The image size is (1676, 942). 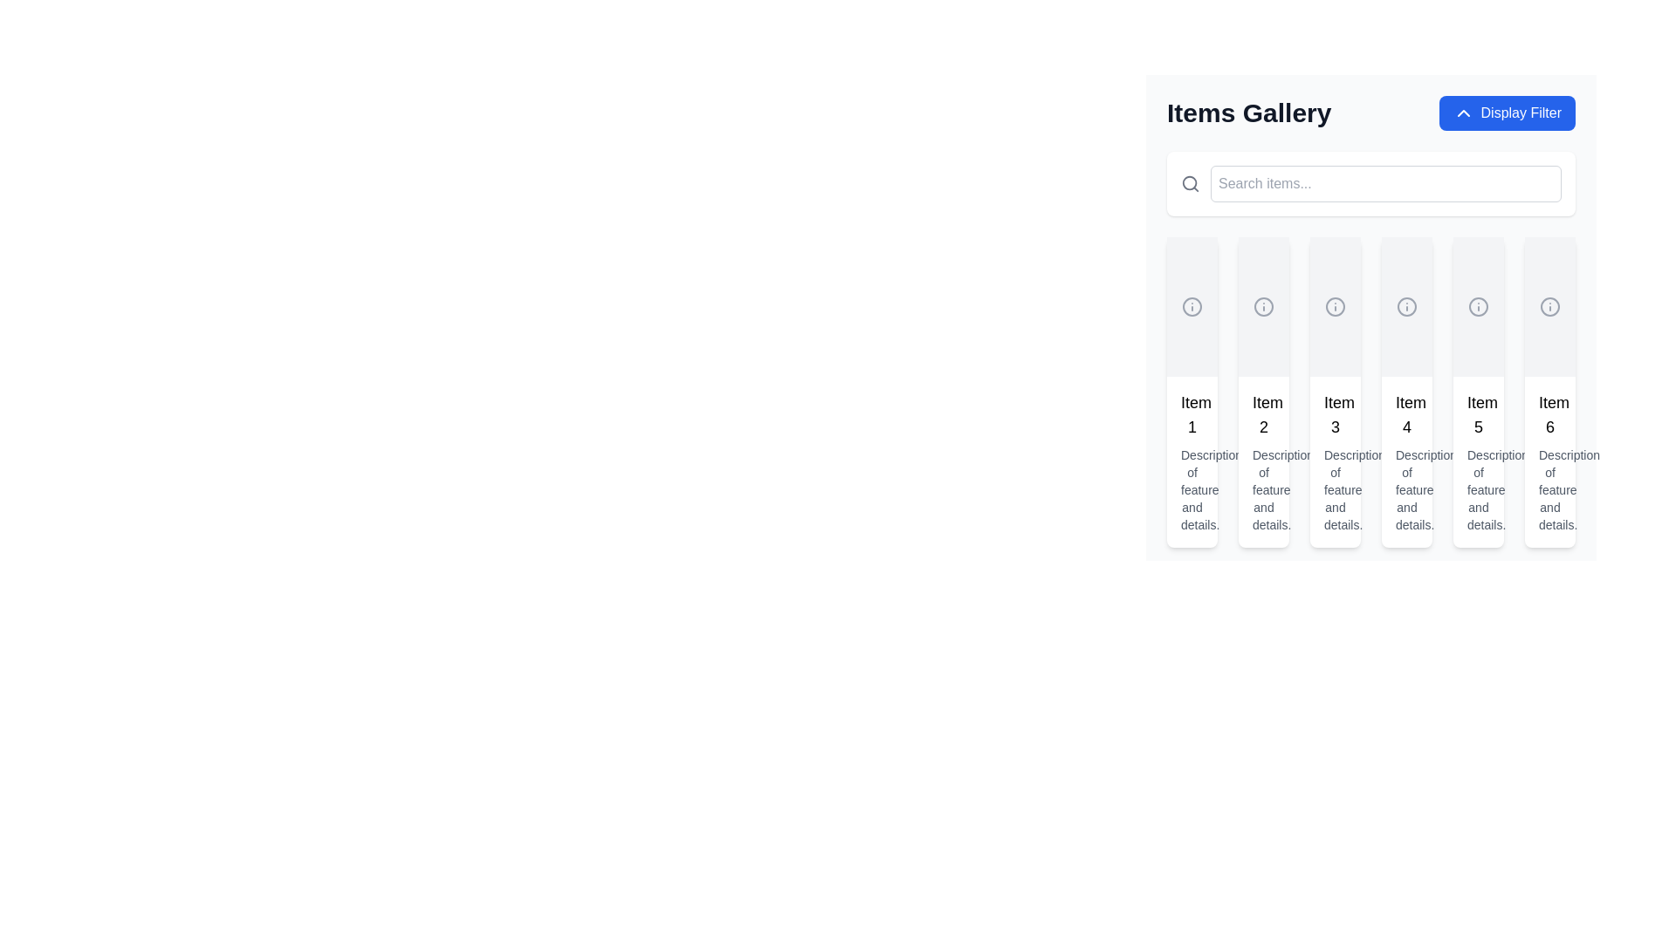 I want to click on text content located below 'Item 3' in the vertical stack of panels, so click(x=1335, y=490).